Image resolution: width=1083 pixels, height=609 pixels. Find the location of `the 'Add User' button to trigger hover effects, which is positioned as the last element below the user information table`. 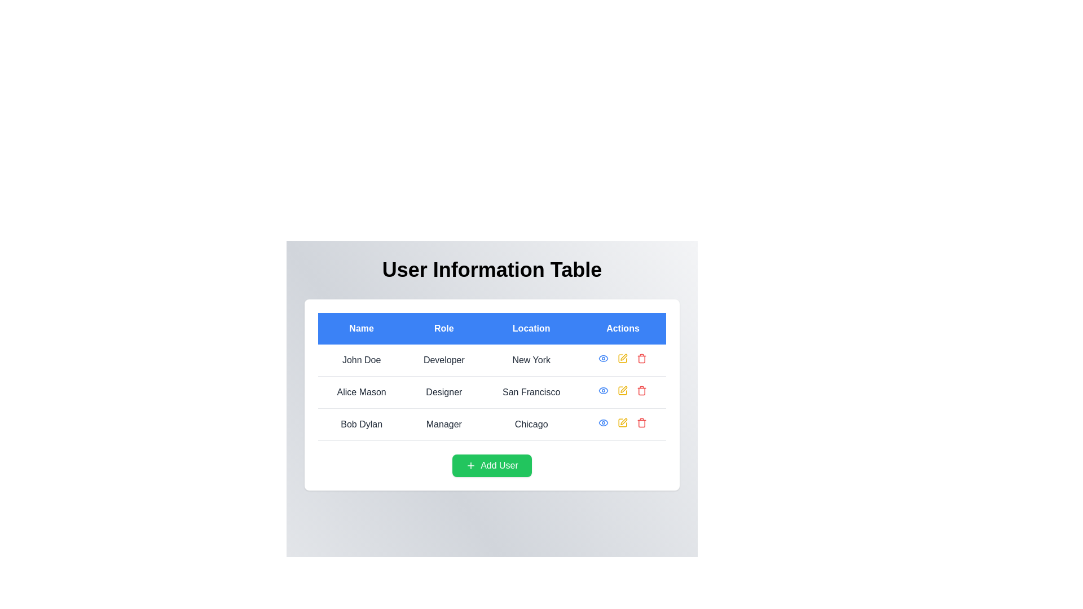

the 'Add User' button to trigger hover effects, which is positioned as the last element below the user information table is located at coordinates (492, 465).